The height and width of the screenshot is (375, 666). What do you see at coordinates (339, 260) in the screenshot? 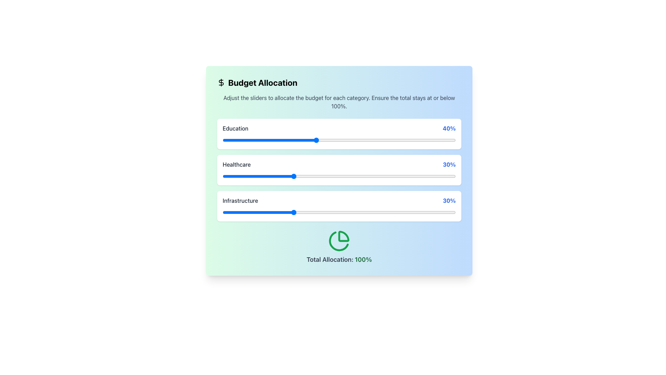
I see `the text label that displays 'Total Allocation:' with the value '100%', which is styled in bold and located below the pie chart icon` at bounding box center [339, 260].